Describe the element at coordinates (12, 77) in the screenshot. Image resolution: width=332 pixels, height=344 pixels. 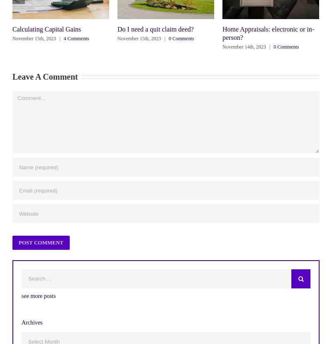
I see `'Leave A Comment'` at that location.